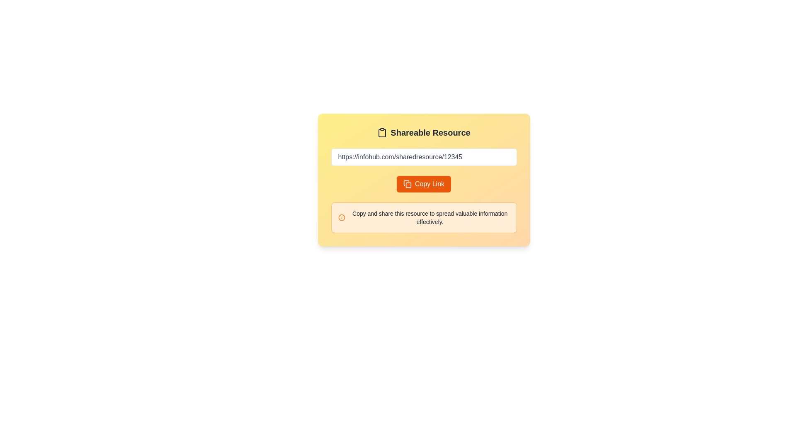  I want to click on the 'Copy Link' text label within the button component, which is prominently styled in bold font on a vibrant orange background, so click(430, 183).